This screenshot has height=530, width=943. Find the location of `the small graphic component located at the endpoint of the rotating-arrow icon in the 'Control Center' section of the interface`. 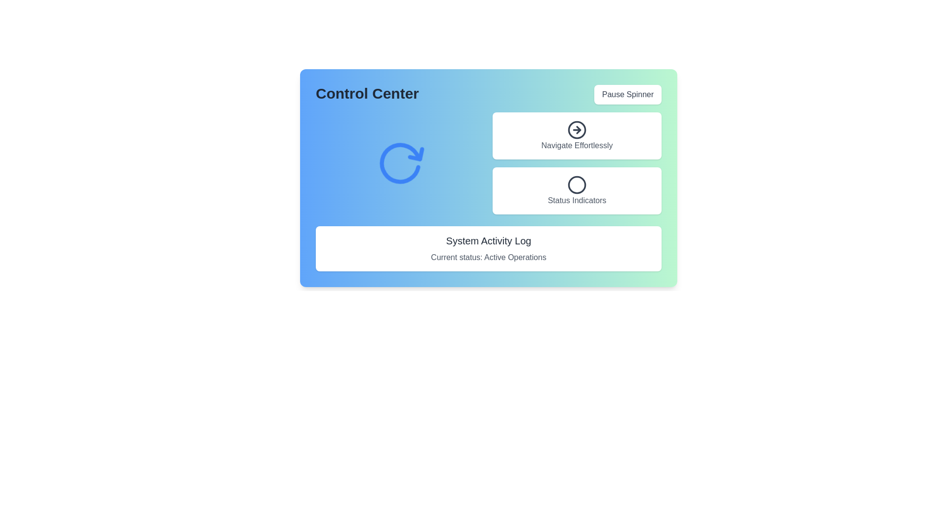

the small graphic component located at the endpoint of the rotating-arrow icon in the 'Control Center' section of the interface is located at coordinates (393, 181).